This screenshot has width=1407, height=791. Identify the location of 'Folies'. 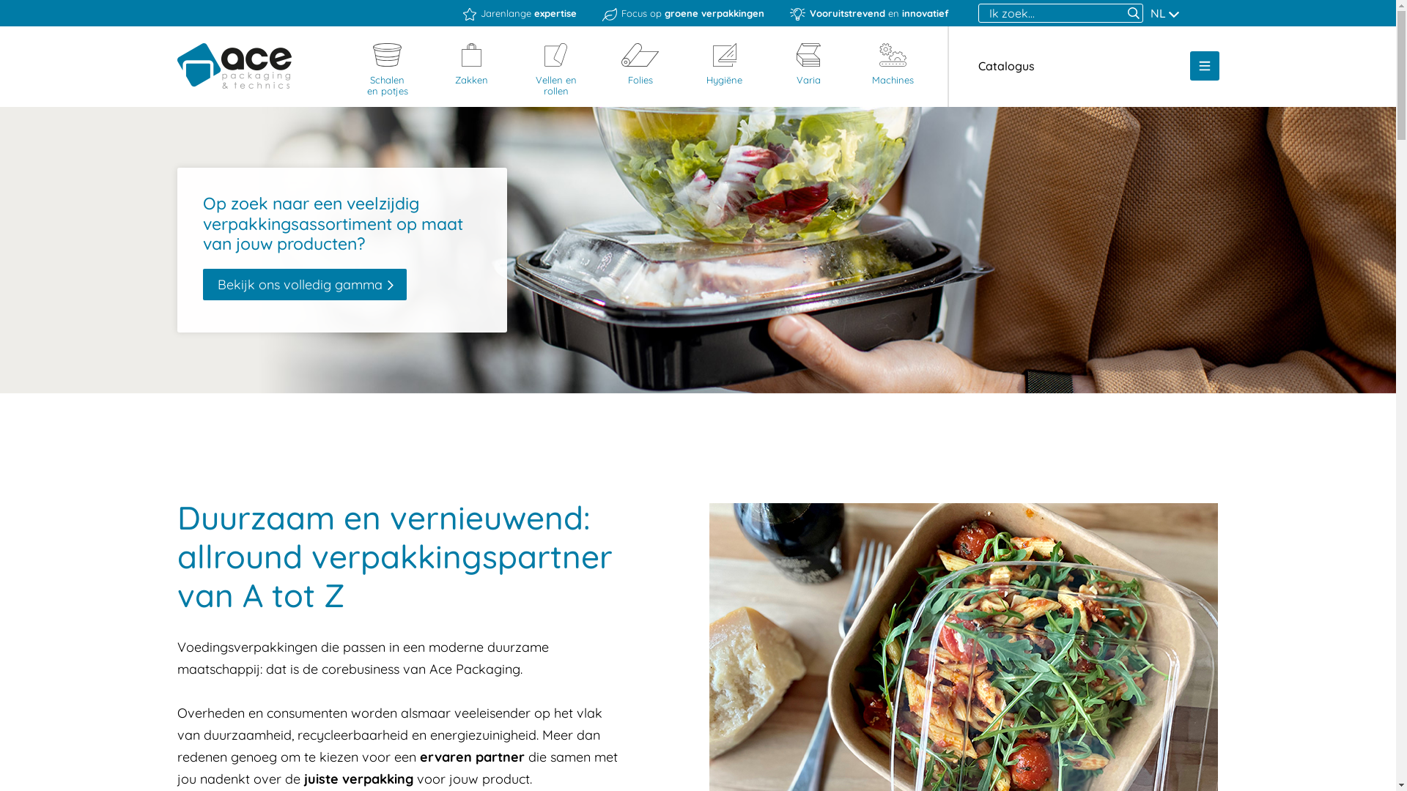
(640, 64).